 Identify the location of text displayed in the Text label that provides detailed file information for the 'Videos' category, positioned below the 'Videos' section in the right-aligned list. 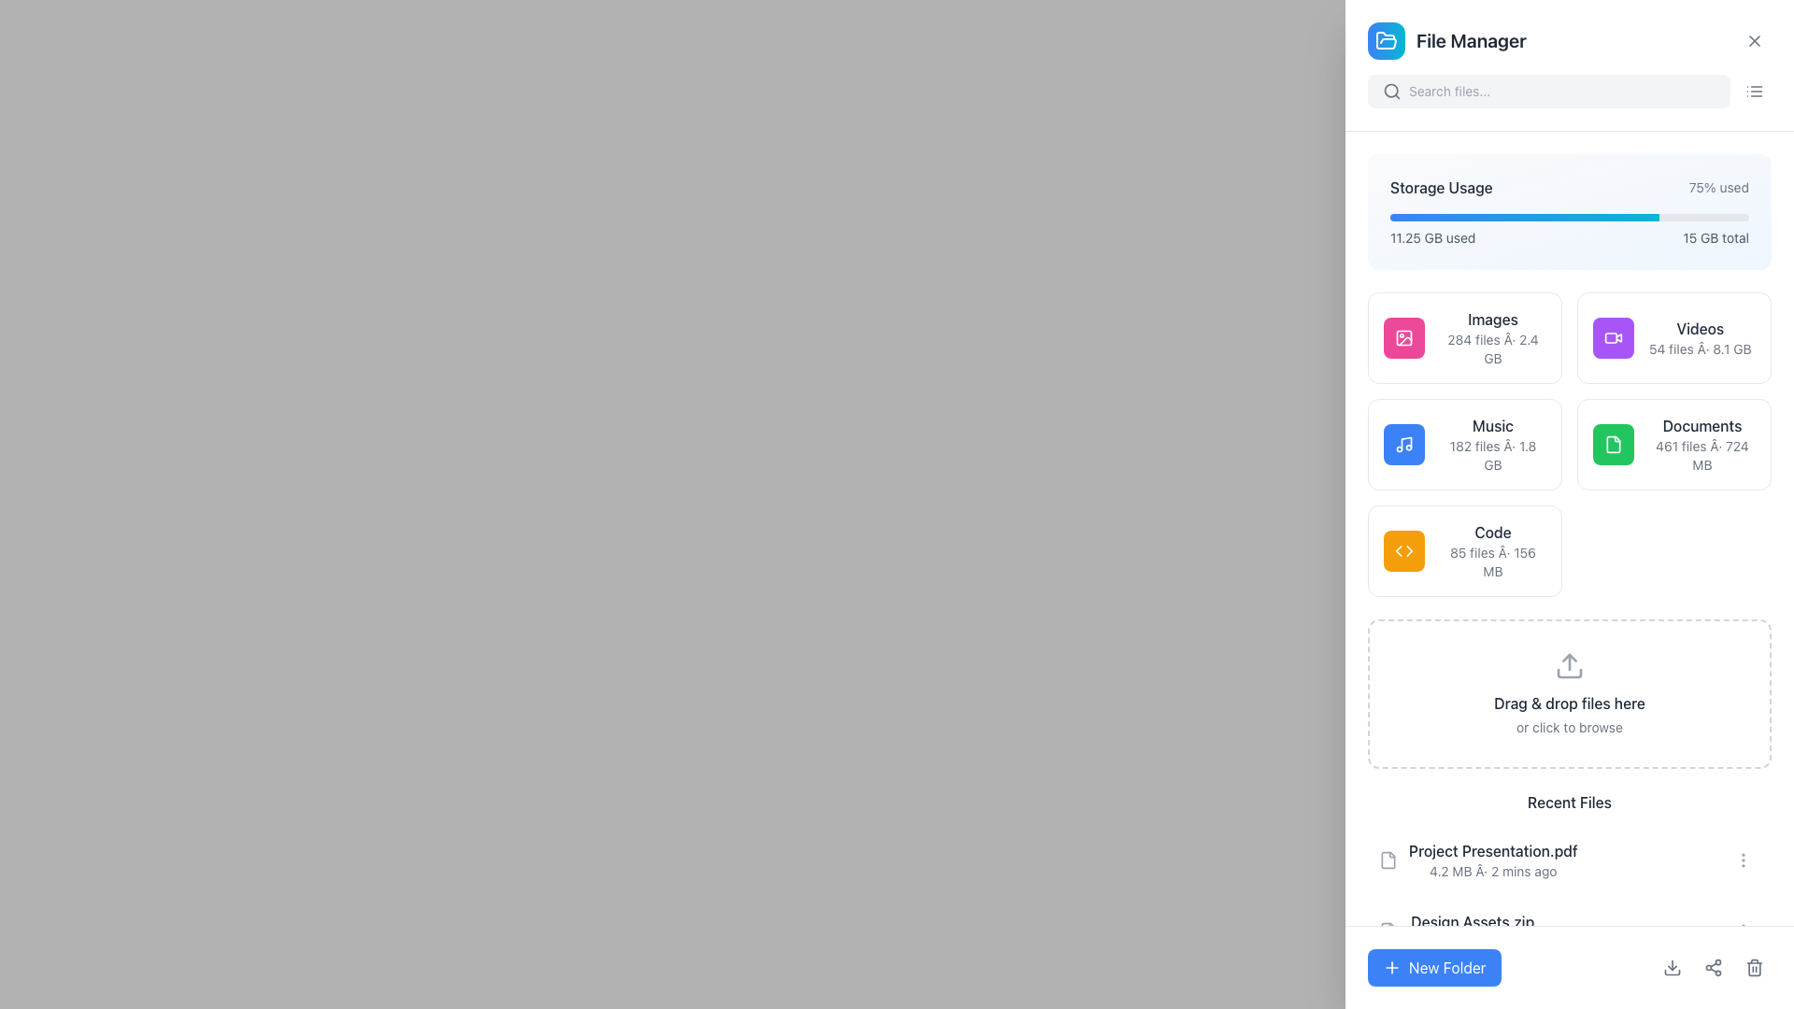
(1700, 349).